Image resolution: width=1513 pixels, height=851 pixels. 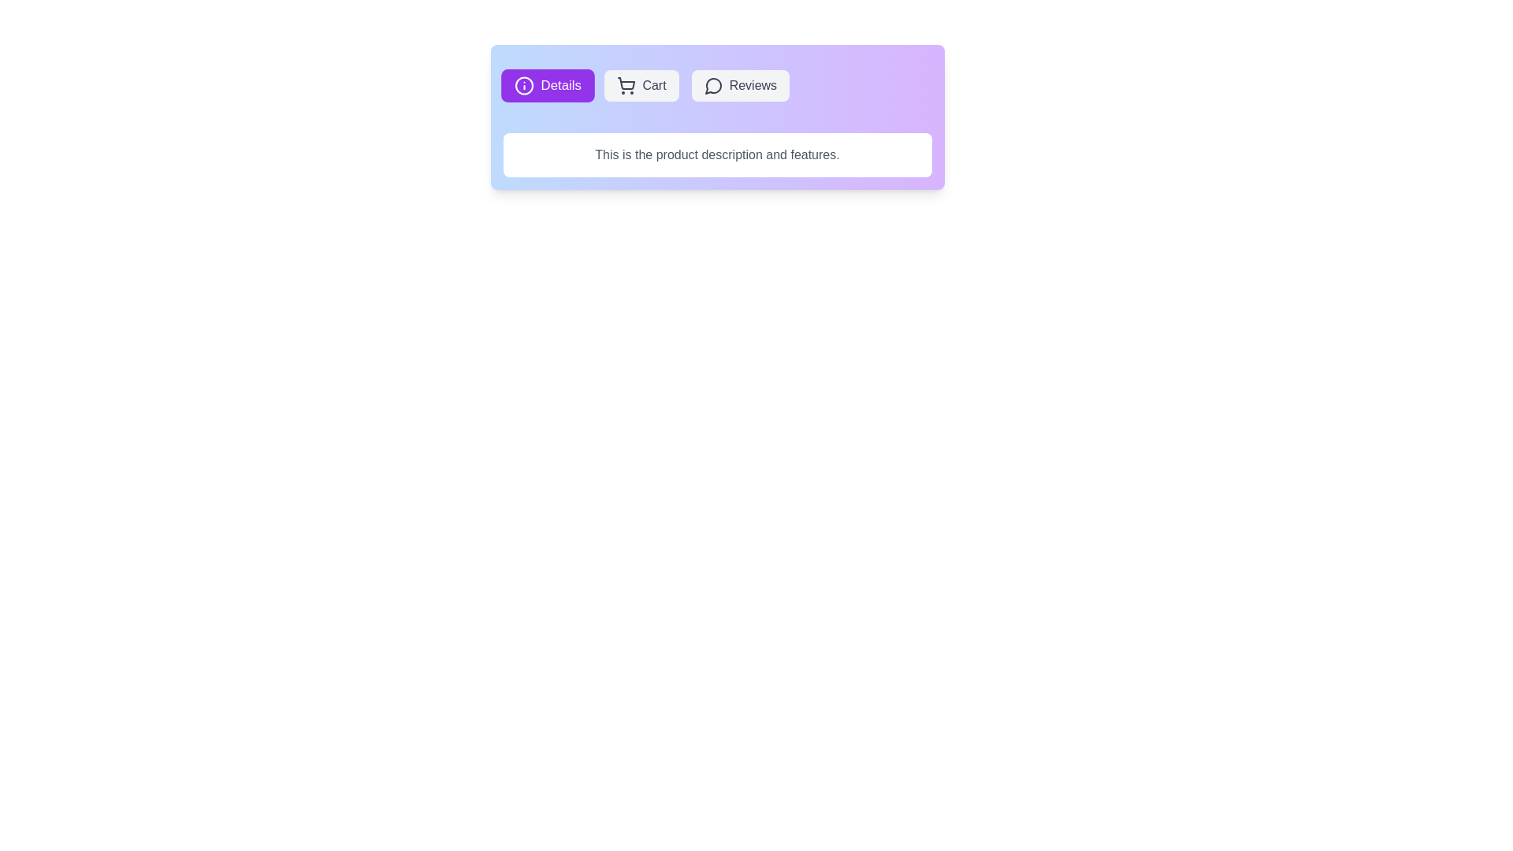 What do you see at coordinates (548, 85) in the screenshot?
I see `the Details tab to view its content` at bounding box center [548, 85].